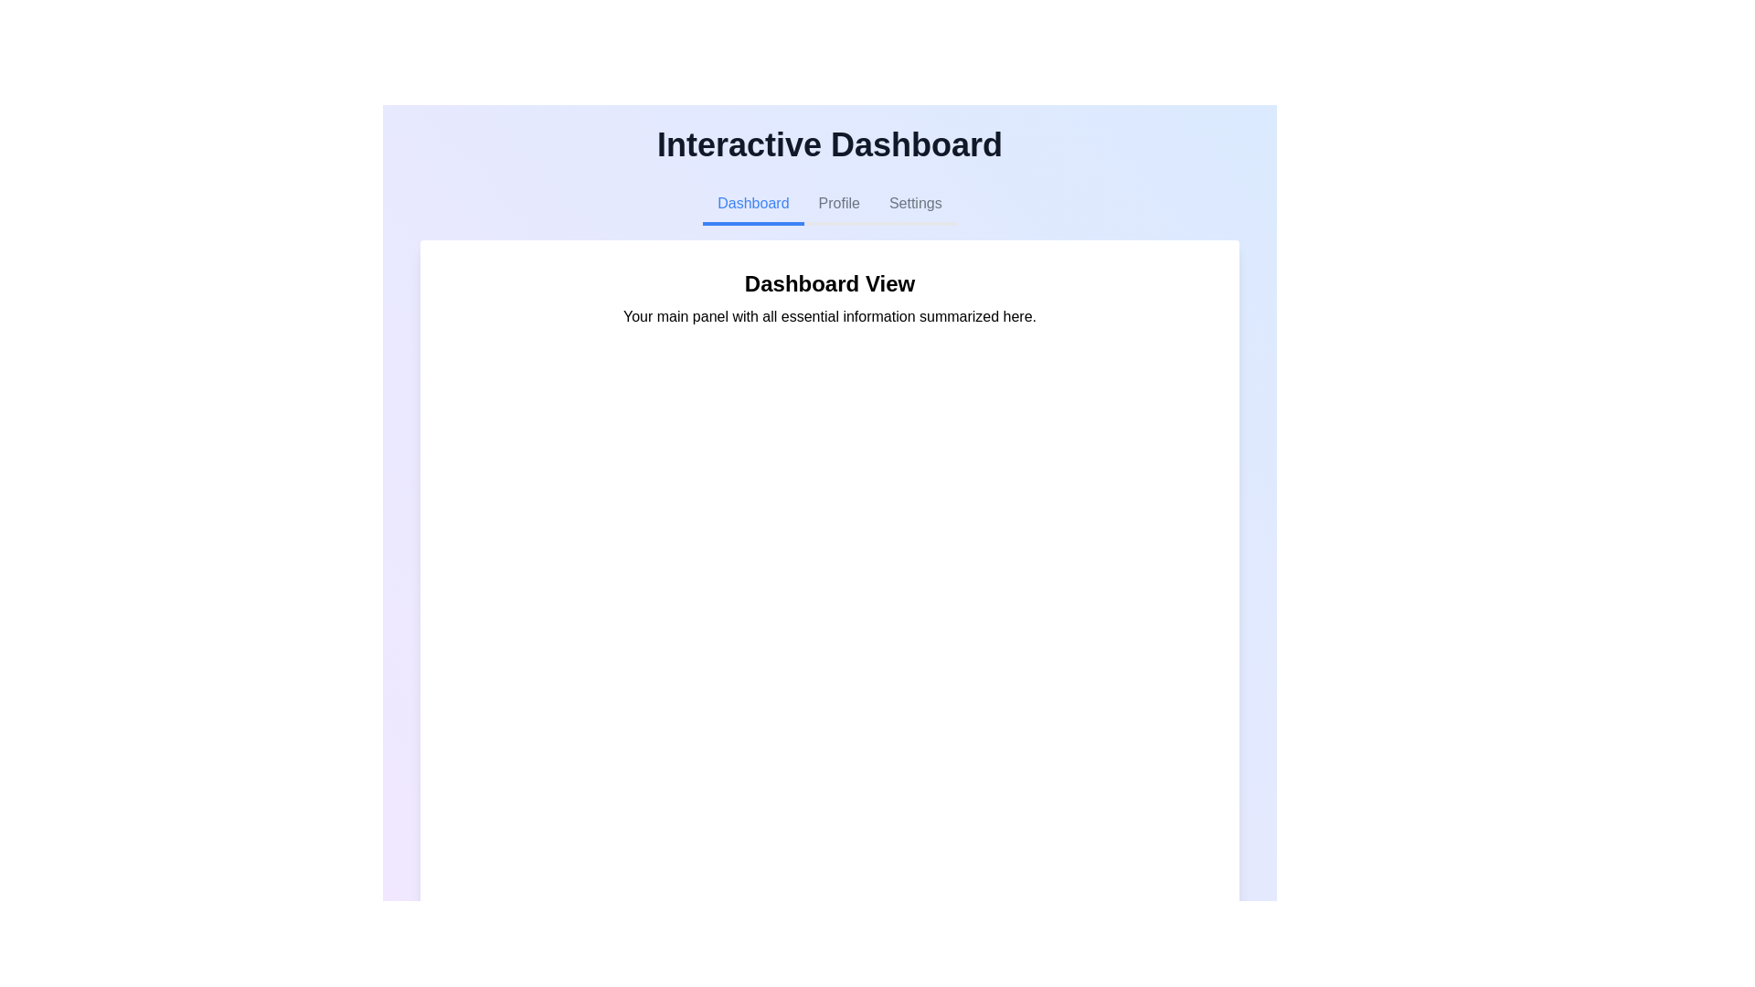  I want to click on the Profile button, which is the second item in the horizontal navigation bar, located between the Dashboard and Settings buttons, so click(838, 205).